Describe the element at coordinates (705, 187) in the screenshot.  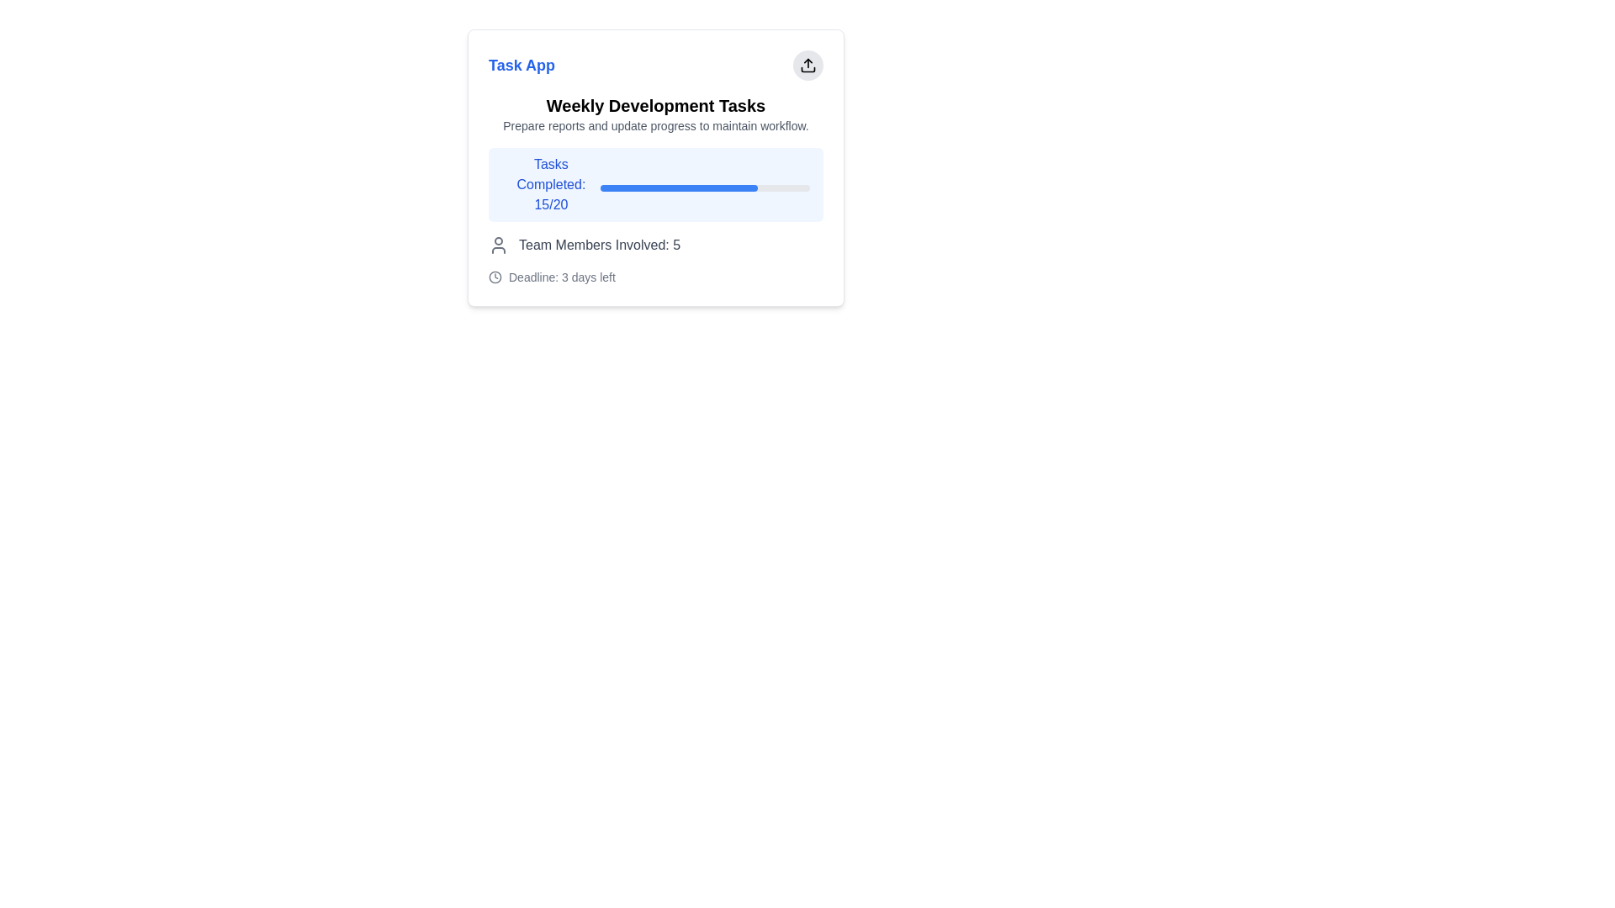
I see `the progress bar located under the text 'Tasks Completed: 15/20', which visually represents the completion status of a task` at that location.